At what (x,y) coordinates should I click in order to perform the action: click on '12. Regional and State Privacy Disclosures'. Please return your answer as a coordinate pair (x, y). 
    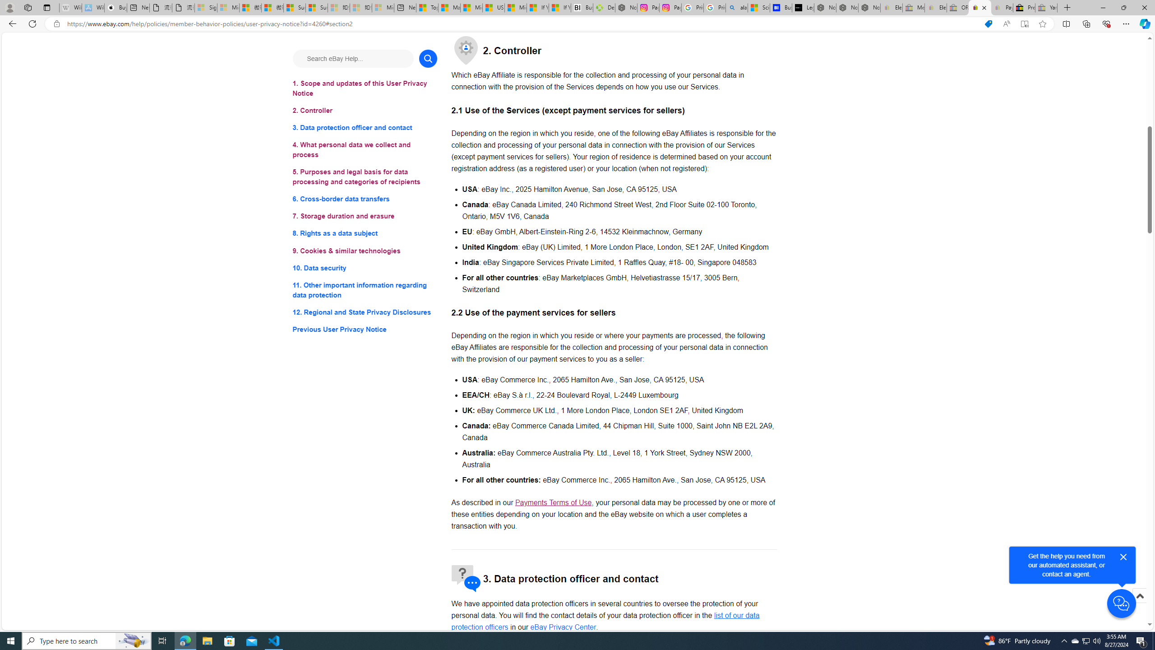
    Looking at the image, I should click on (364, 311).